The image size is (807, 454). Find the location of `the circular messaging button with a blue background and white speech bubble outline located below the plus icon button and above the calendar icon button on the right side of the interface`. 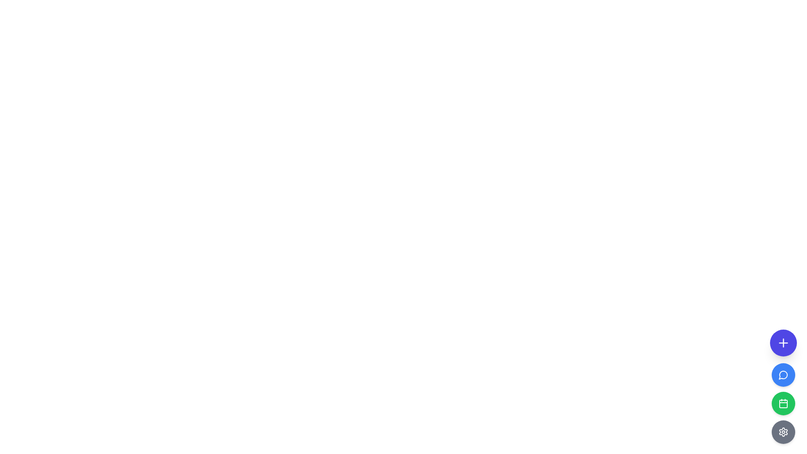

the circular messaging button with a blue background and white speech bubble outline located below the plus icon button and above the calendar icon button on the right side of the interface is located at coordinates (783, 374).